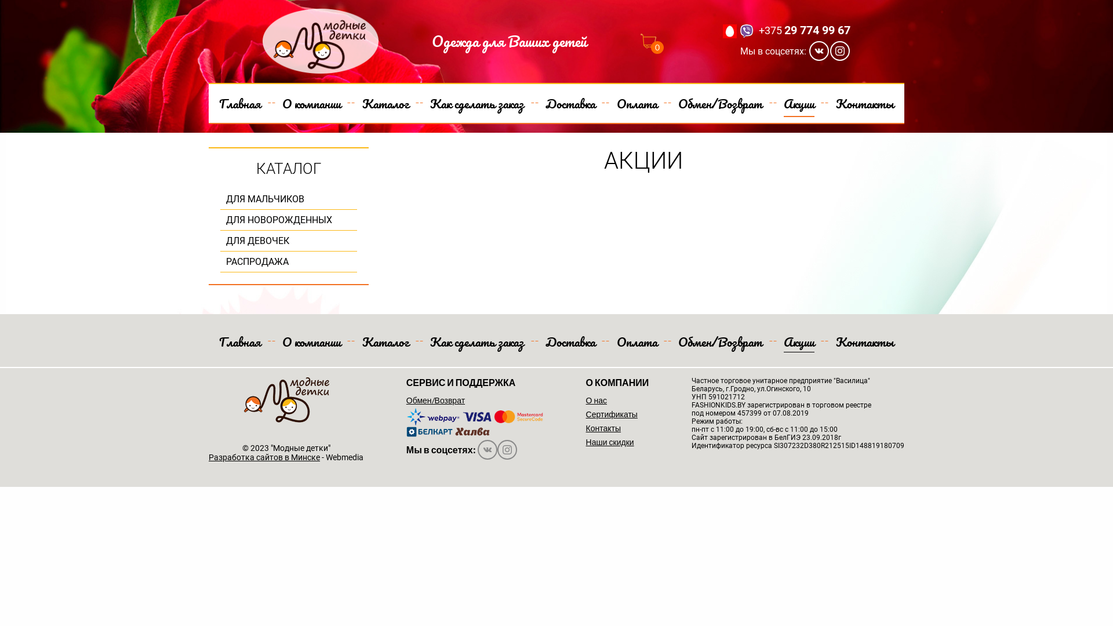 The width and height of the screenshot is (1113, 626). What do you see at coordinates (803, 30) in the screenshot?
I see `'+375 29 774 99 67'` at bounding box center [803, 30].